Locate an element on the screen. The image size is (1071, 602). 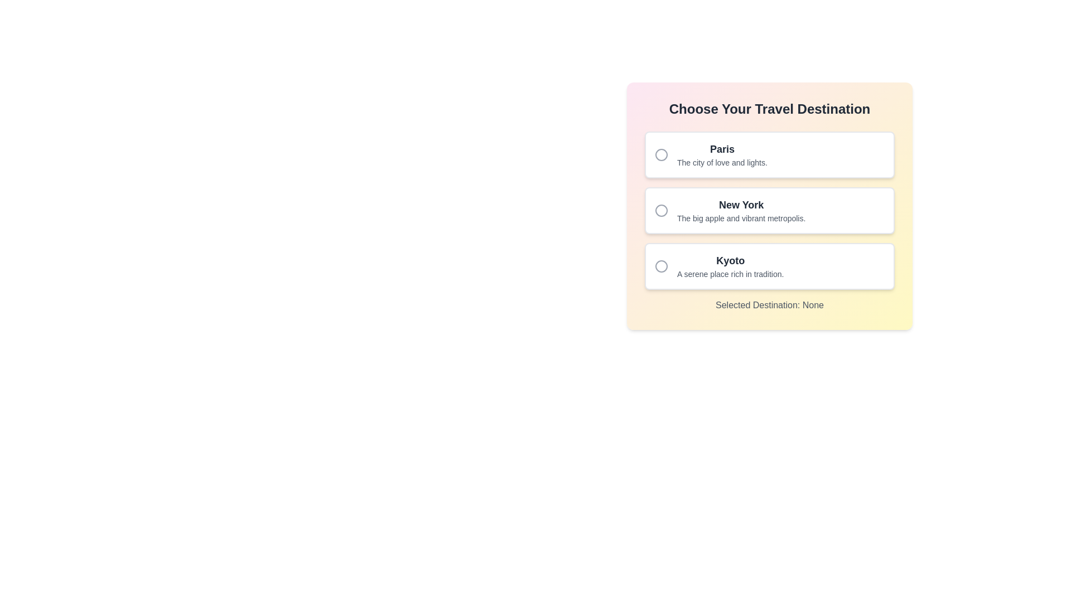
the text block containing the title 'Paris' and the description 'The city of love and lights.' is located at coordinates (722, 154).